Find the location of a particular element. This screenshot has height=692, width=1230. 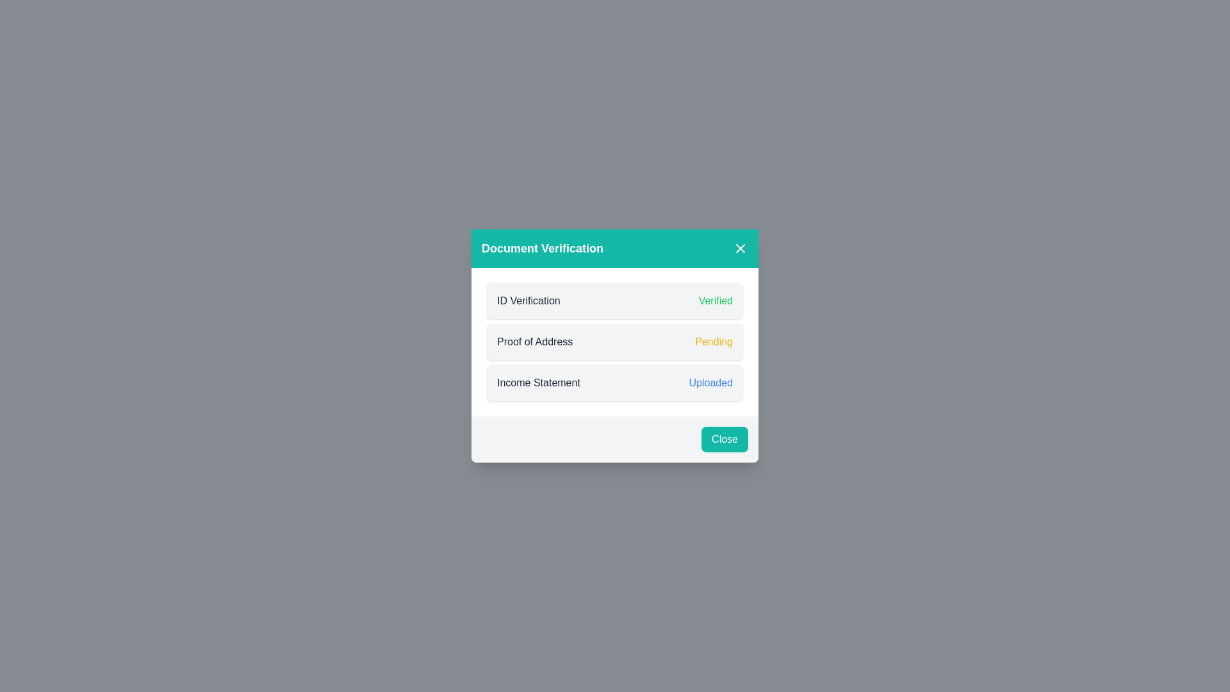

document status from the Status indicator that contains 'Income Statement' on the left and 'Uploaded' on the right, which is the third item in a vertically stacked list is located at coordinates (615, 382).